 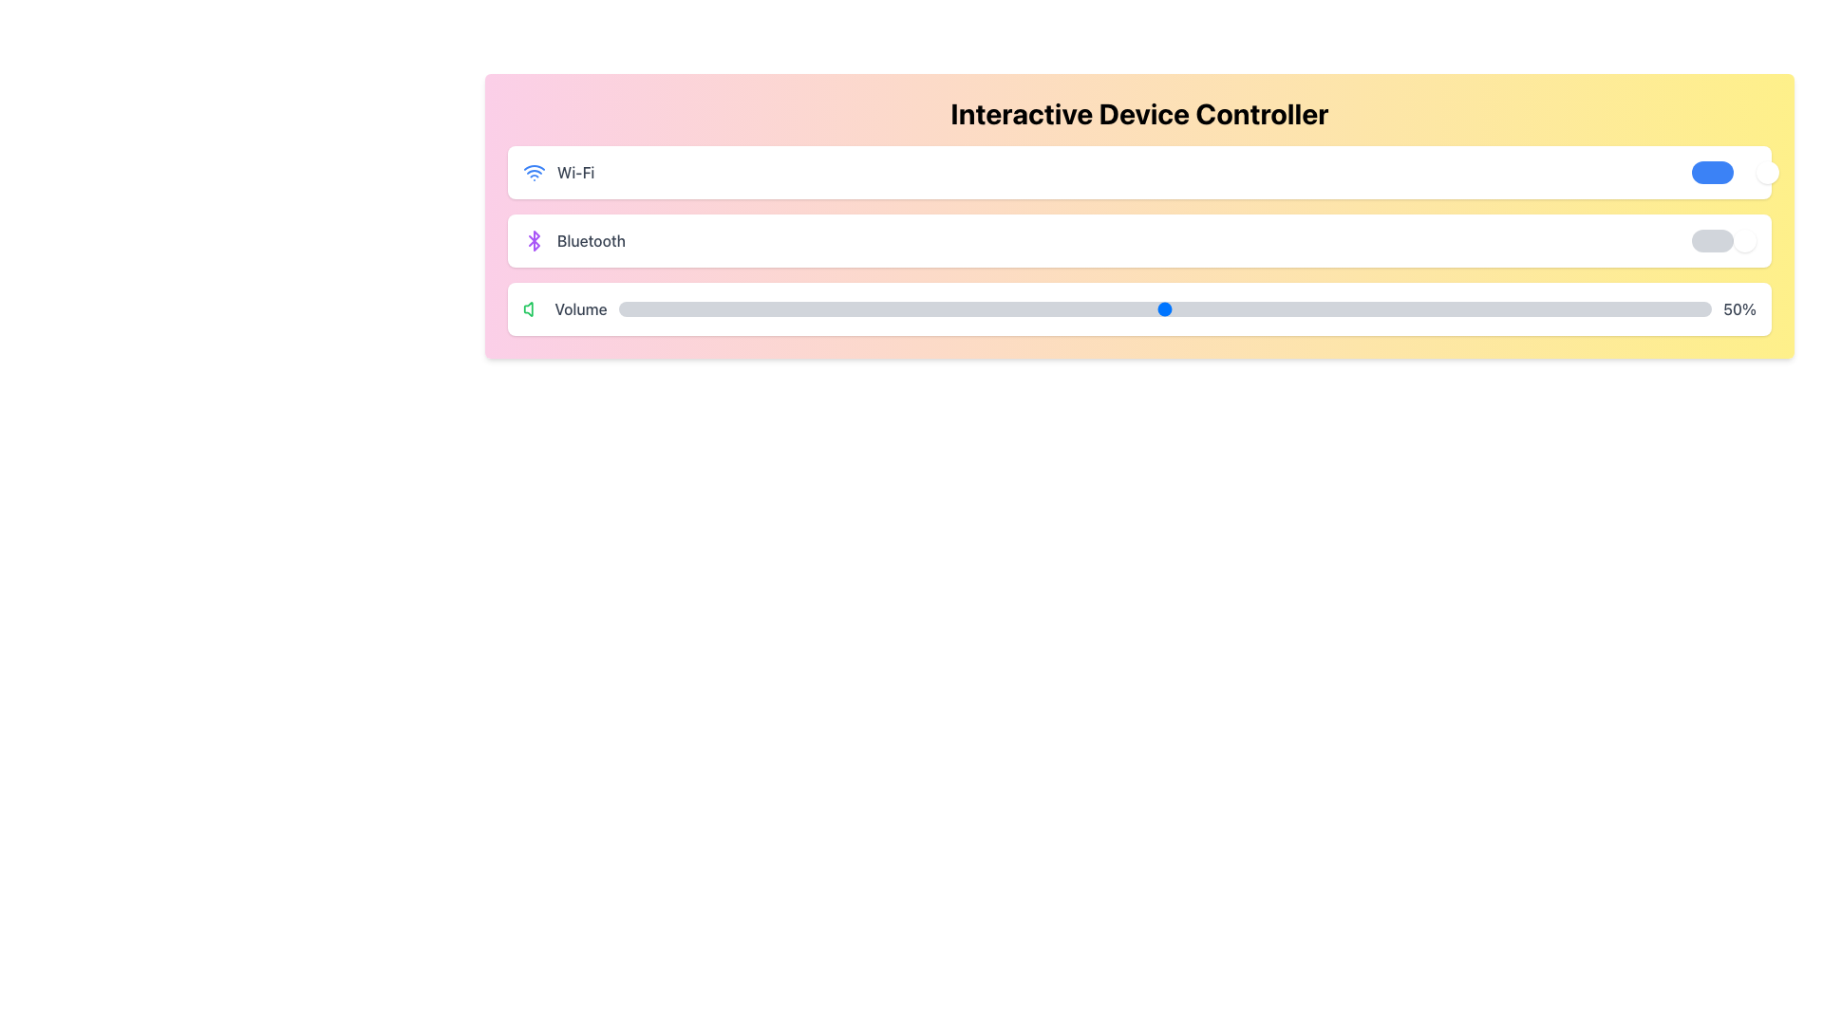 I want to click on the slider value, so click(x=662, y=300).